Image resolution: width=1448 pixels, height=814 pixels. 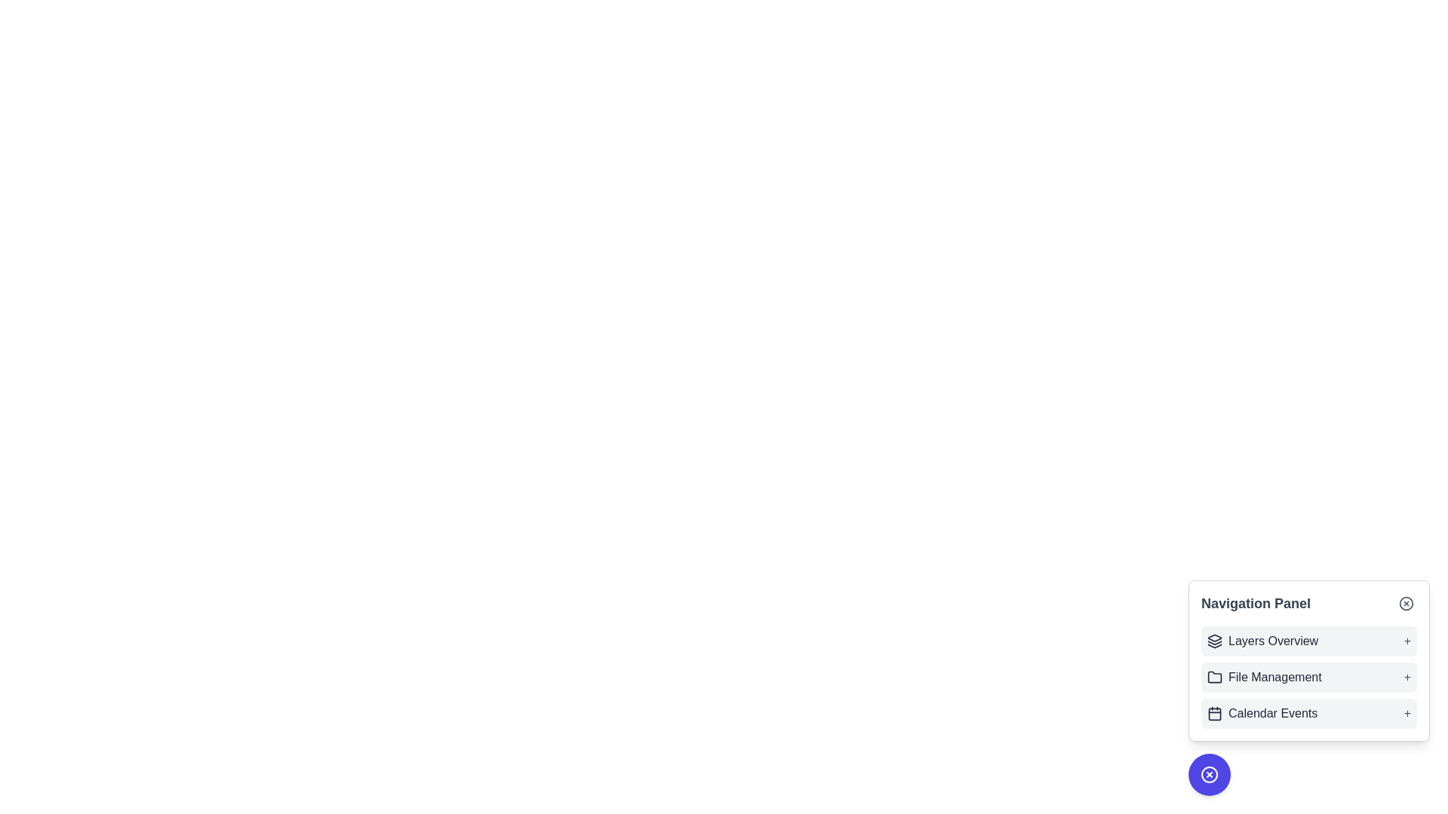 What do you see at coordinates (1215, 642) in the screenshot?
I see `the middle segment of the layered stack icon in the Navigation Panel's 'Layers Overview' section` at bounding box center [1215, 642].